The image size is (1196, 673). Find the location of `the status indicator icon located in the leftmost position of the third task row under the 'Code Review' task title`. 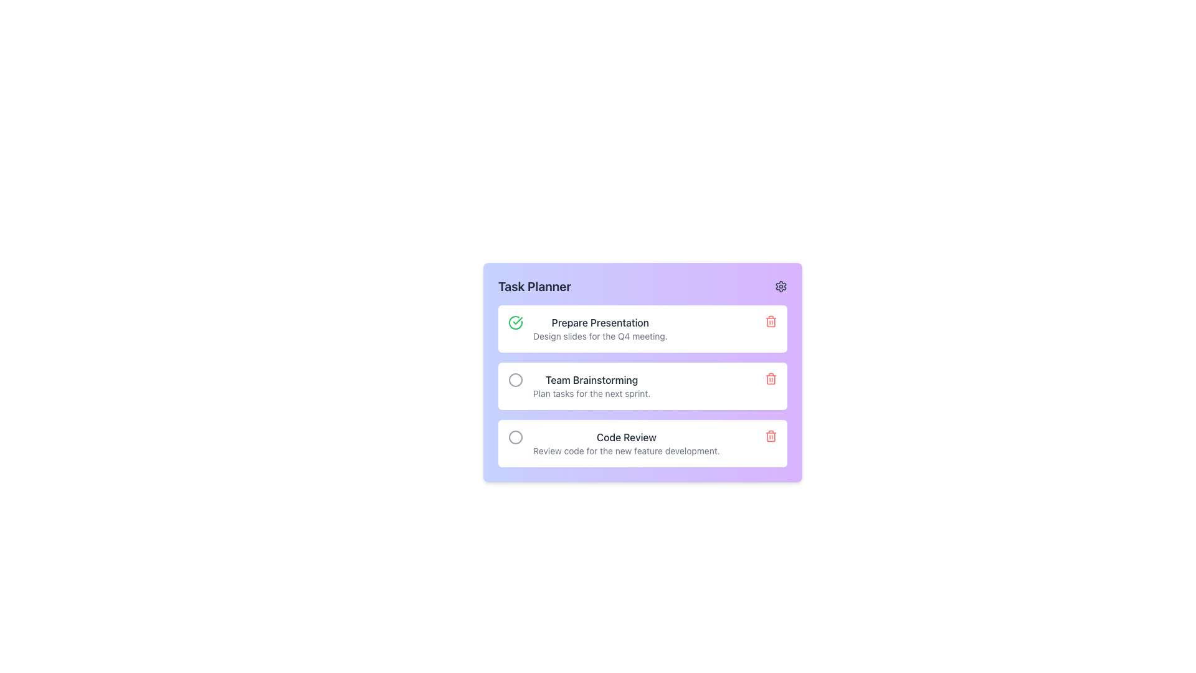

the status indicator icon located in the leftmost position of the third task row under the 'Code Review' task title is located at coordinates (516, 437).